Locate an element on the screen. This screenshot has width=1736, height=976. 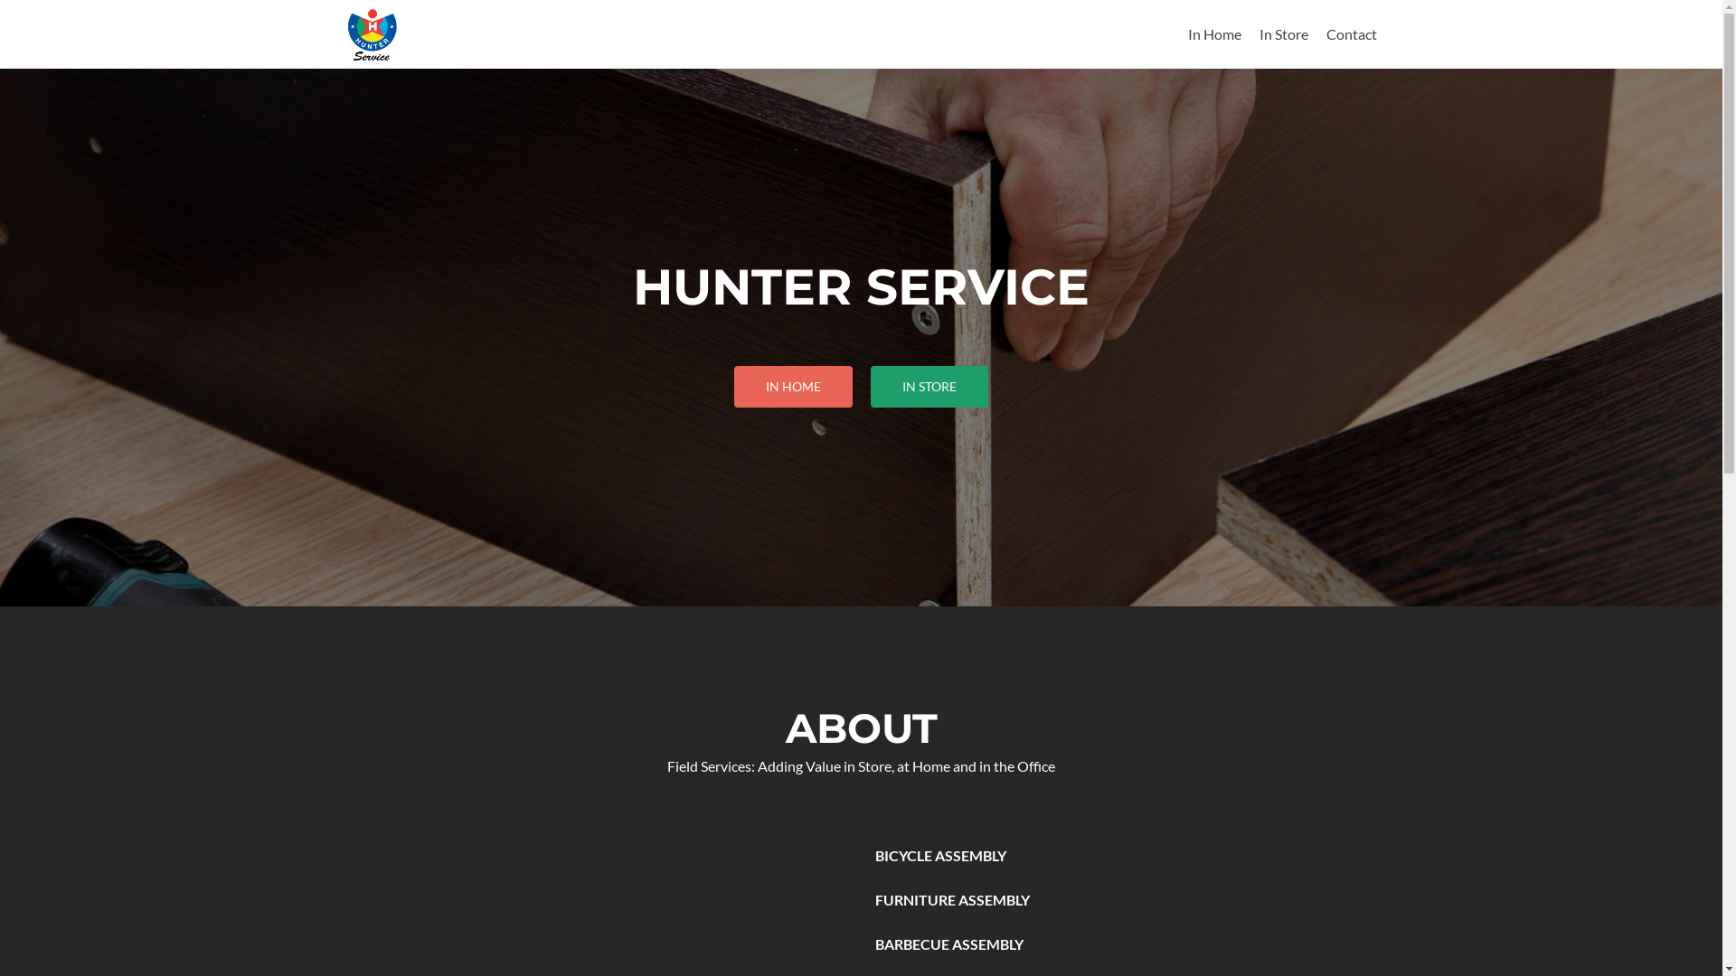
'In Home' is located at coordinates (1214, 33).